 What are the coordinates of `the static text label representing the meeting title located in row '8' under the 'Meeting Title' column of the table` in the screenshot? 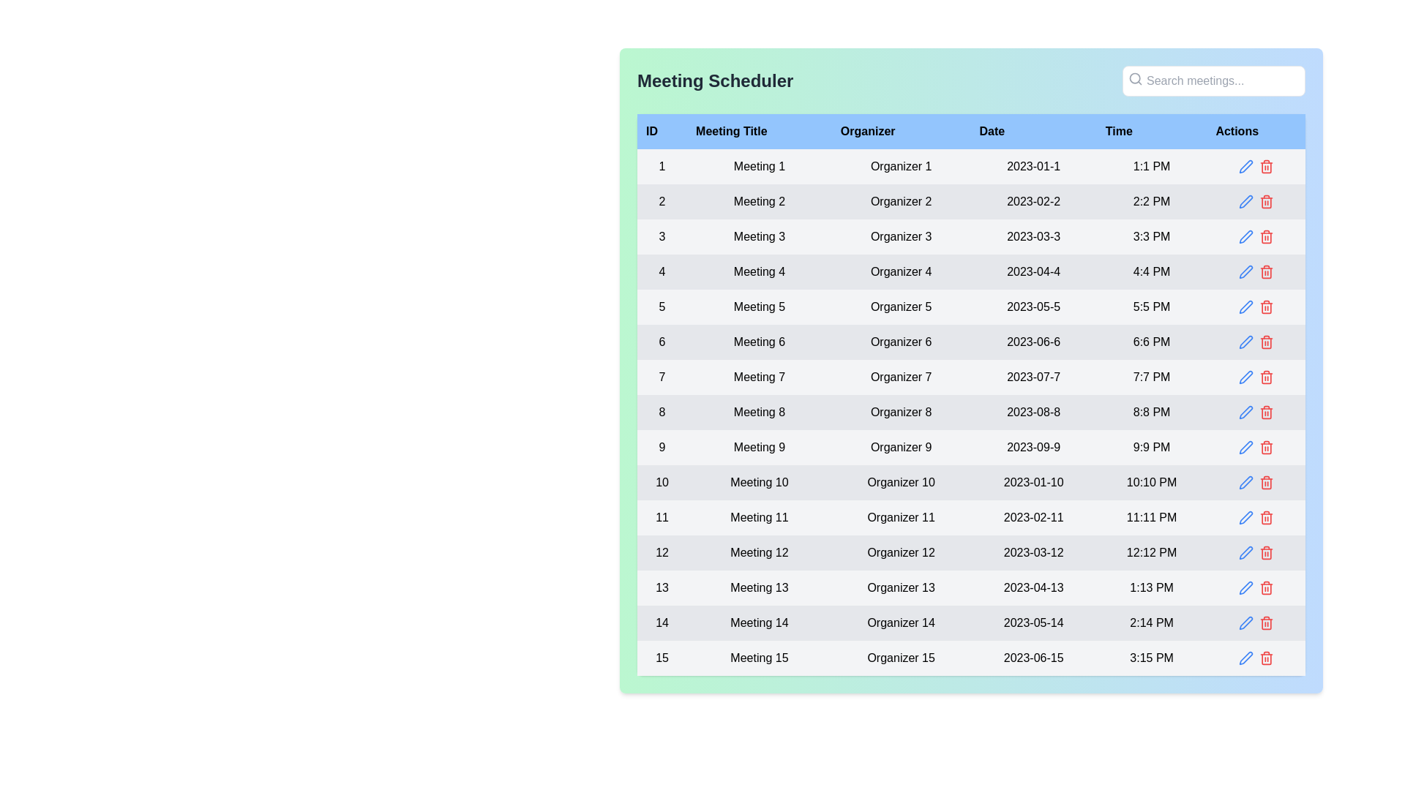 It's located at (759, 412).